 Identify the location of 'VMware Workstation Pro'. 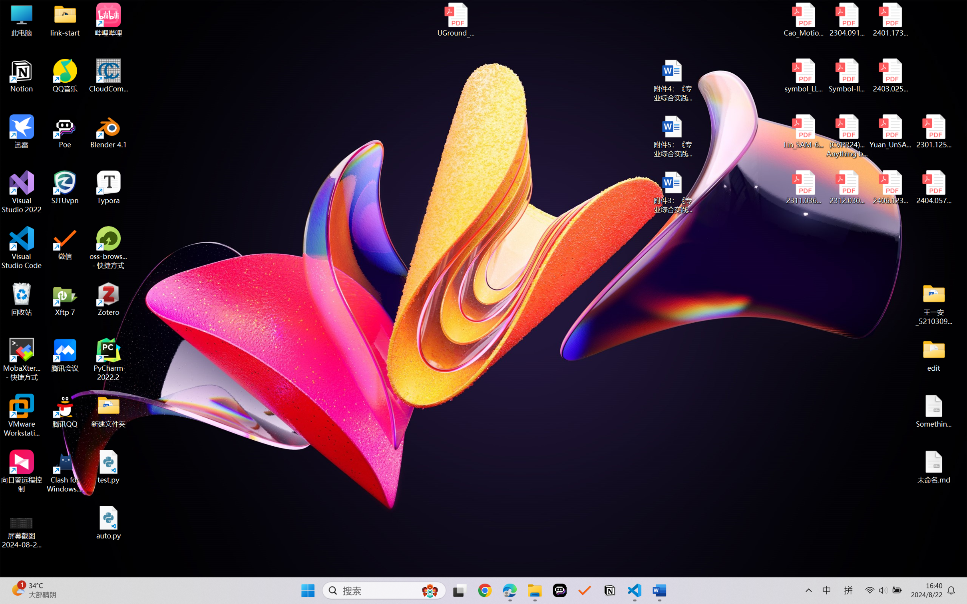
(21, 415).